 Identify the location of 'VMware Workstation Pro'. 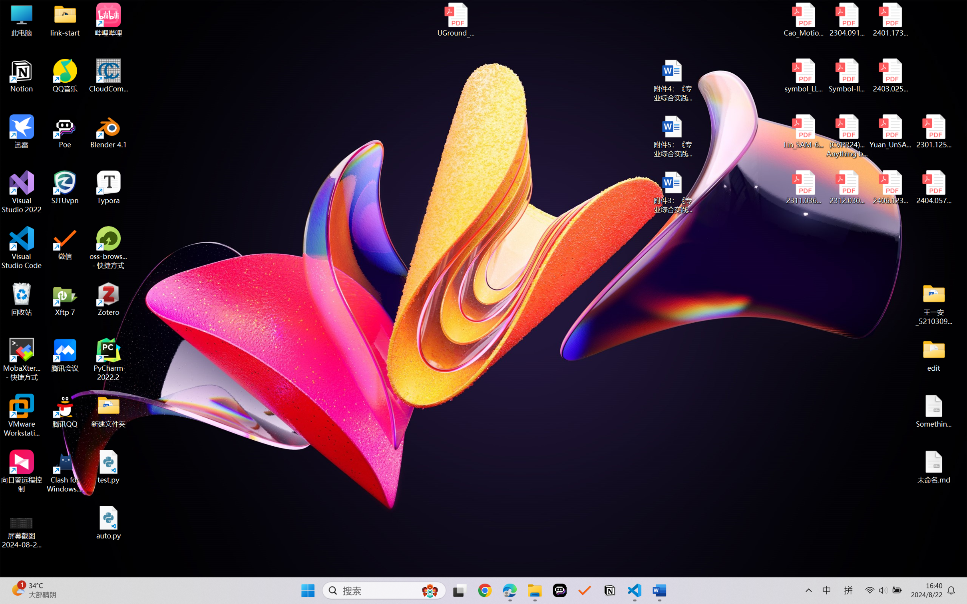
(21, 415).